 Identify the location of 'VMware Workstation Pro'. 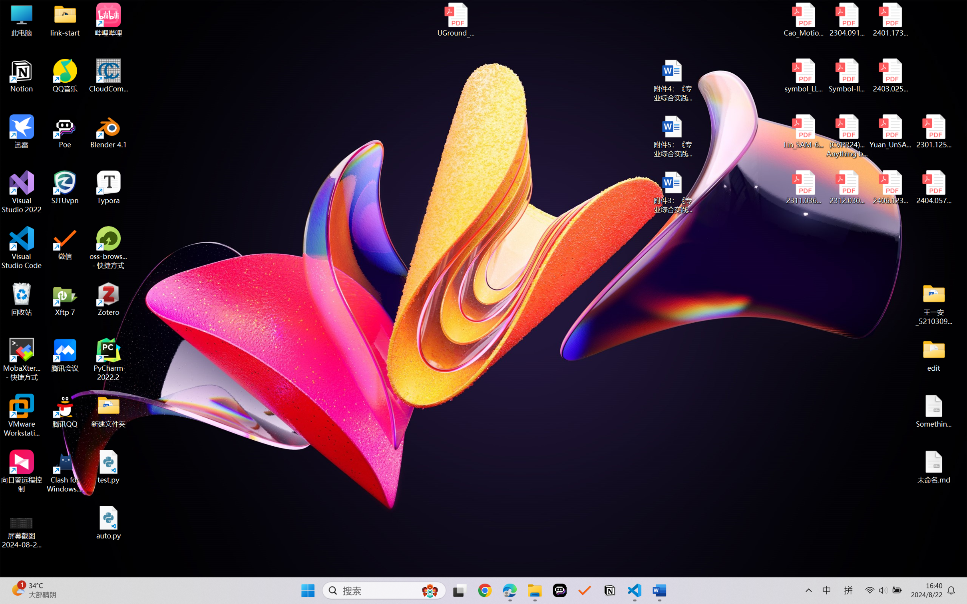
(21, 415).